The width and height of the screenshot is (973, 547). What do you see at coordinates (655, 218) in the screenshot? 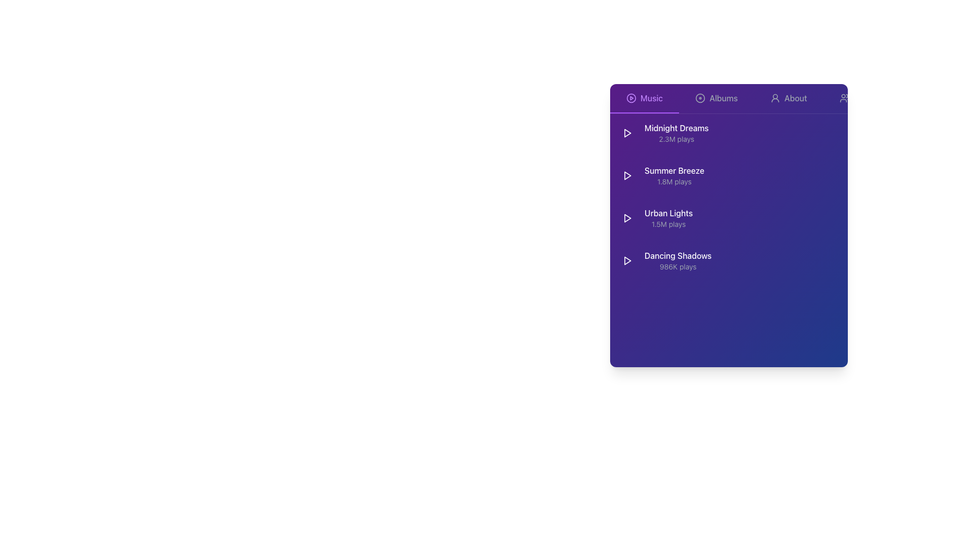
I see `the song item that provides information about the song title and the number of times it was played, located in the center of the list below 'Summer Breeze' and above 'Dancing Shadows'` at bounding box center [655, 218].